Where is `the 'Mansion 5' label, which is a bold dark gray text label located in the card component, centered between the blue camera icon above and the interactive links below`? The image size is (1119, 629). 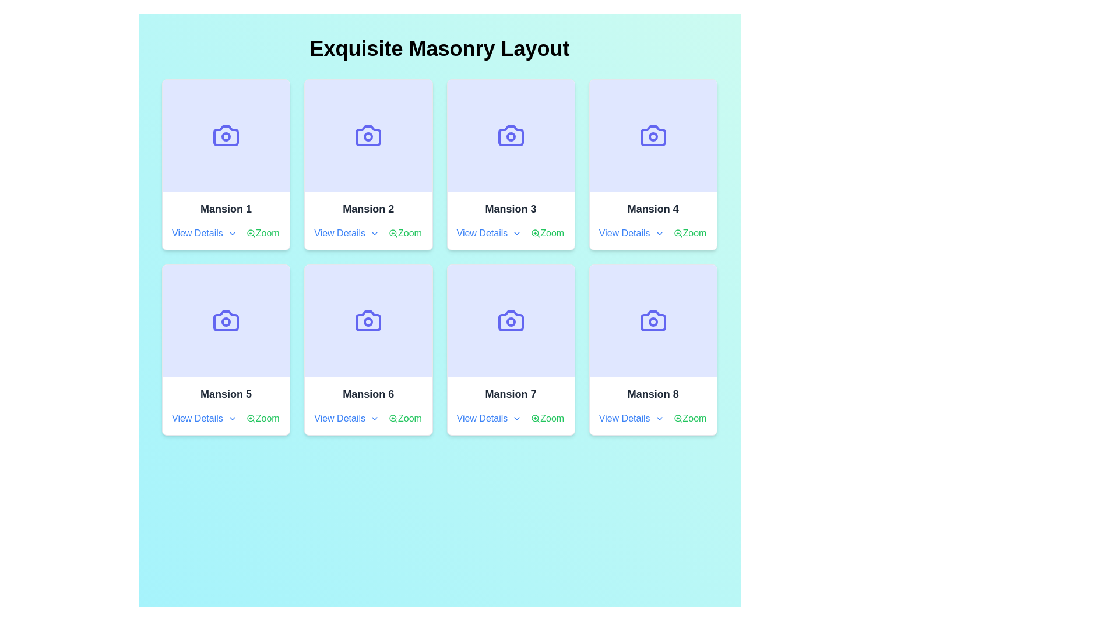
the 'Mansion 5' label, which is a bold dark gray text label located in the card component, centered between the blue camera icon above and the interactive links below is located at coordinates (226, 394).